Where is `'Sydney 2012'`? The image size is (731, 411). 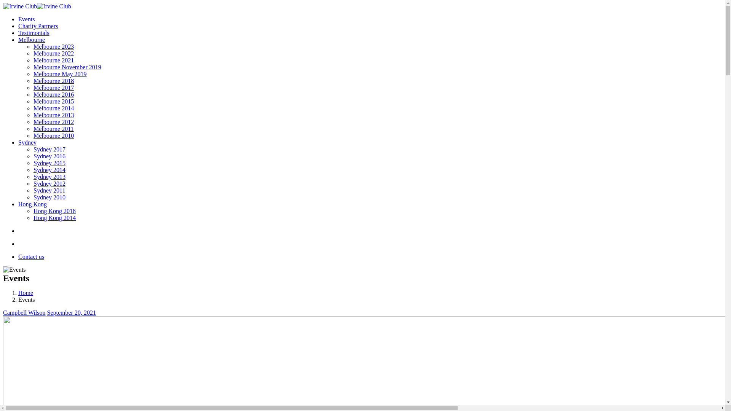
'Sydney 2012' is located at coordinates (49, 183).